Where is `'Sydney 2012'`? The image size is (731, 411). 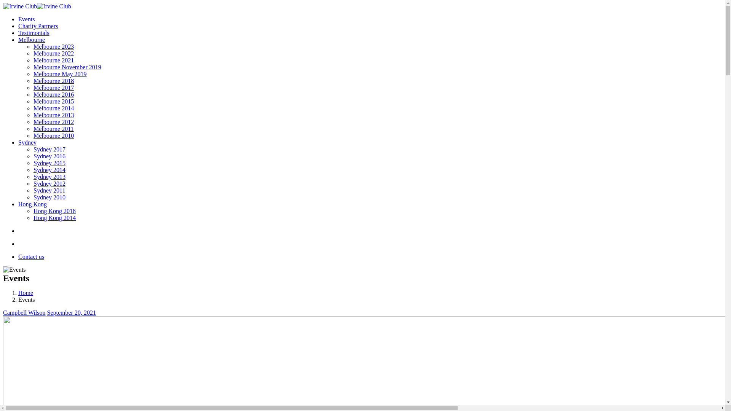
'Sydney 2012' is located at coordinates (49, 183).